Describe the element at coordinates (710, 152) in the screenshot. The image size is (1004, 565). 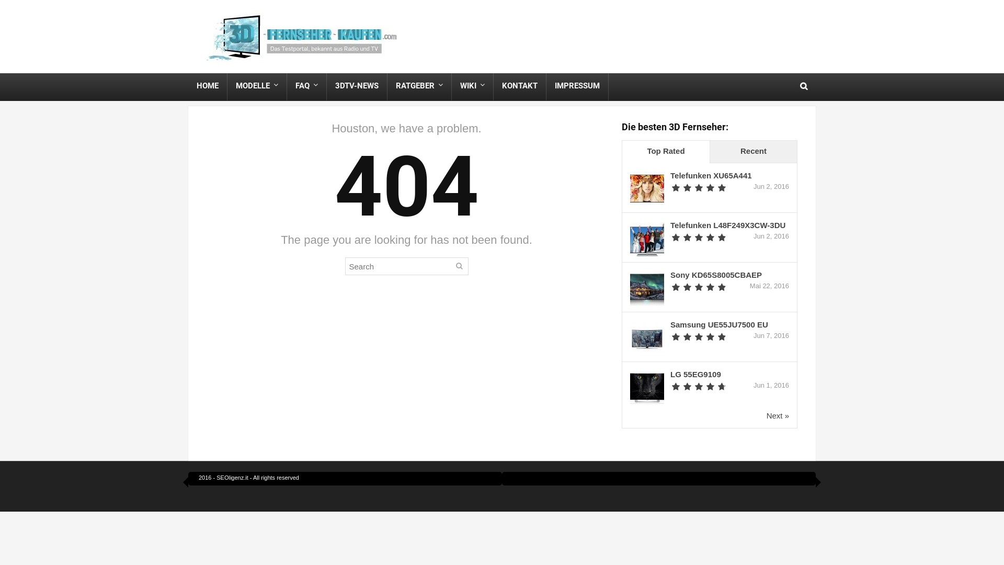
I see `'Recent'` at that location.